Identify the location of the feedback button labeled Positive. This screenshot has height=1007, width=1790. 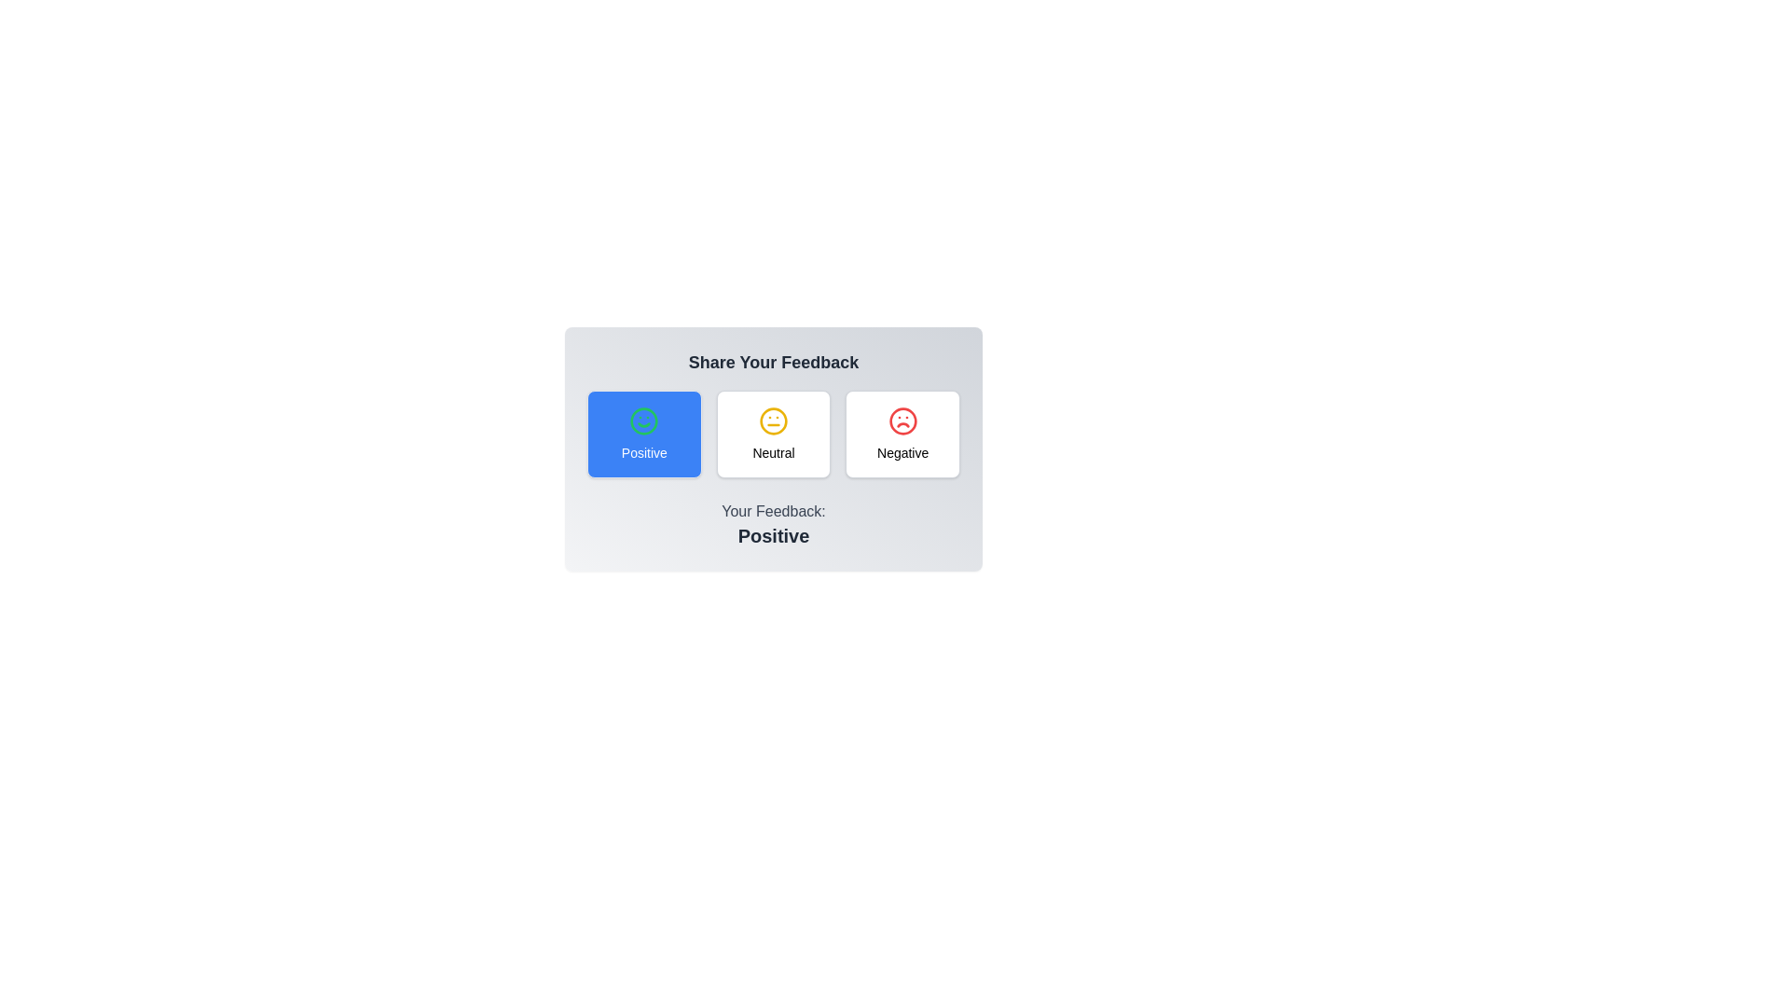
(644, 435).